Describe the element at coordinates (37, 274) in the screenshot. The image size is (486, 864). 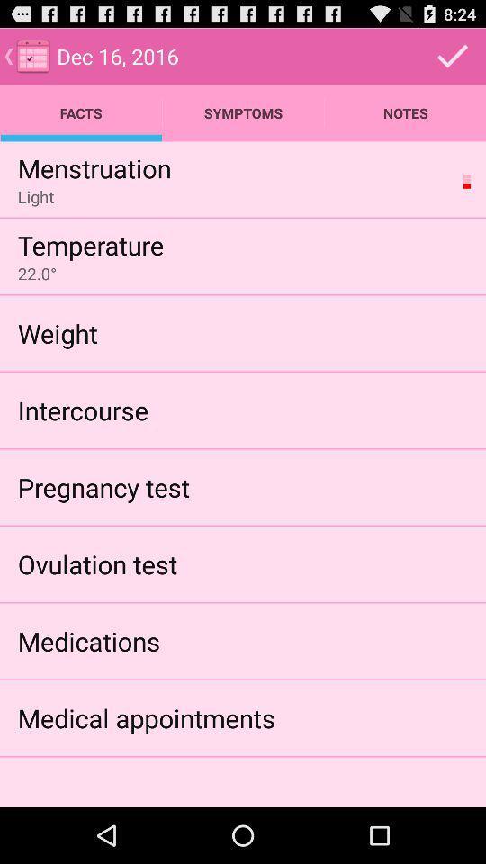
I see `icon above the weight item` at that location.